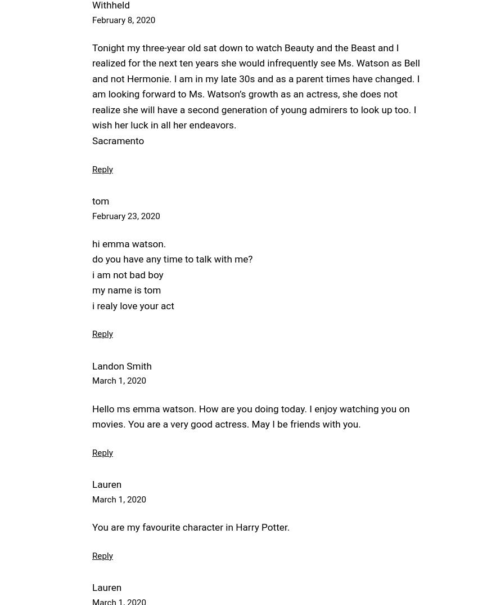  What do you see at coordinates (92, 140) in the screenshot?
I see `'Sacramento'` at bounding box center [92, 140].